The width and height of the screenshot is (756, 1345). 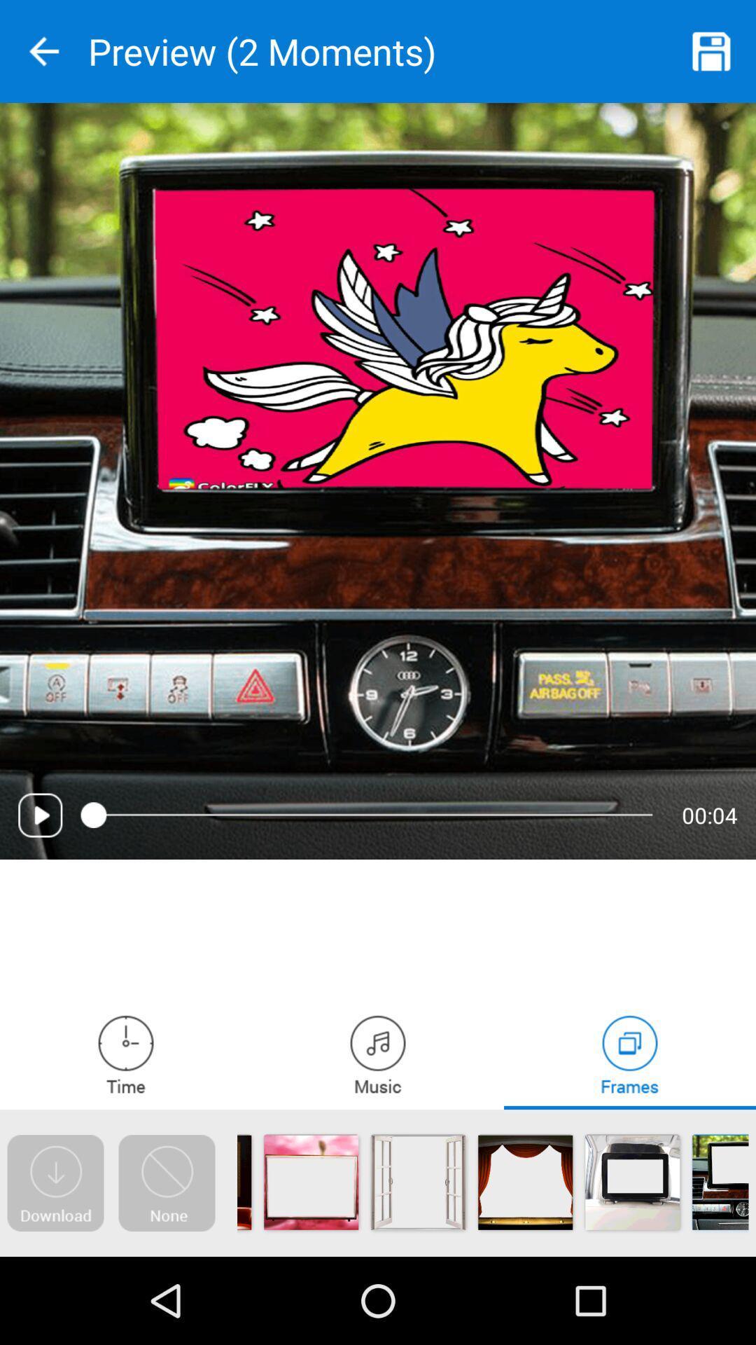 What do you see at coordinates (39, 815) in the screenshot?
I see `play` at bounding box center [39, 815].